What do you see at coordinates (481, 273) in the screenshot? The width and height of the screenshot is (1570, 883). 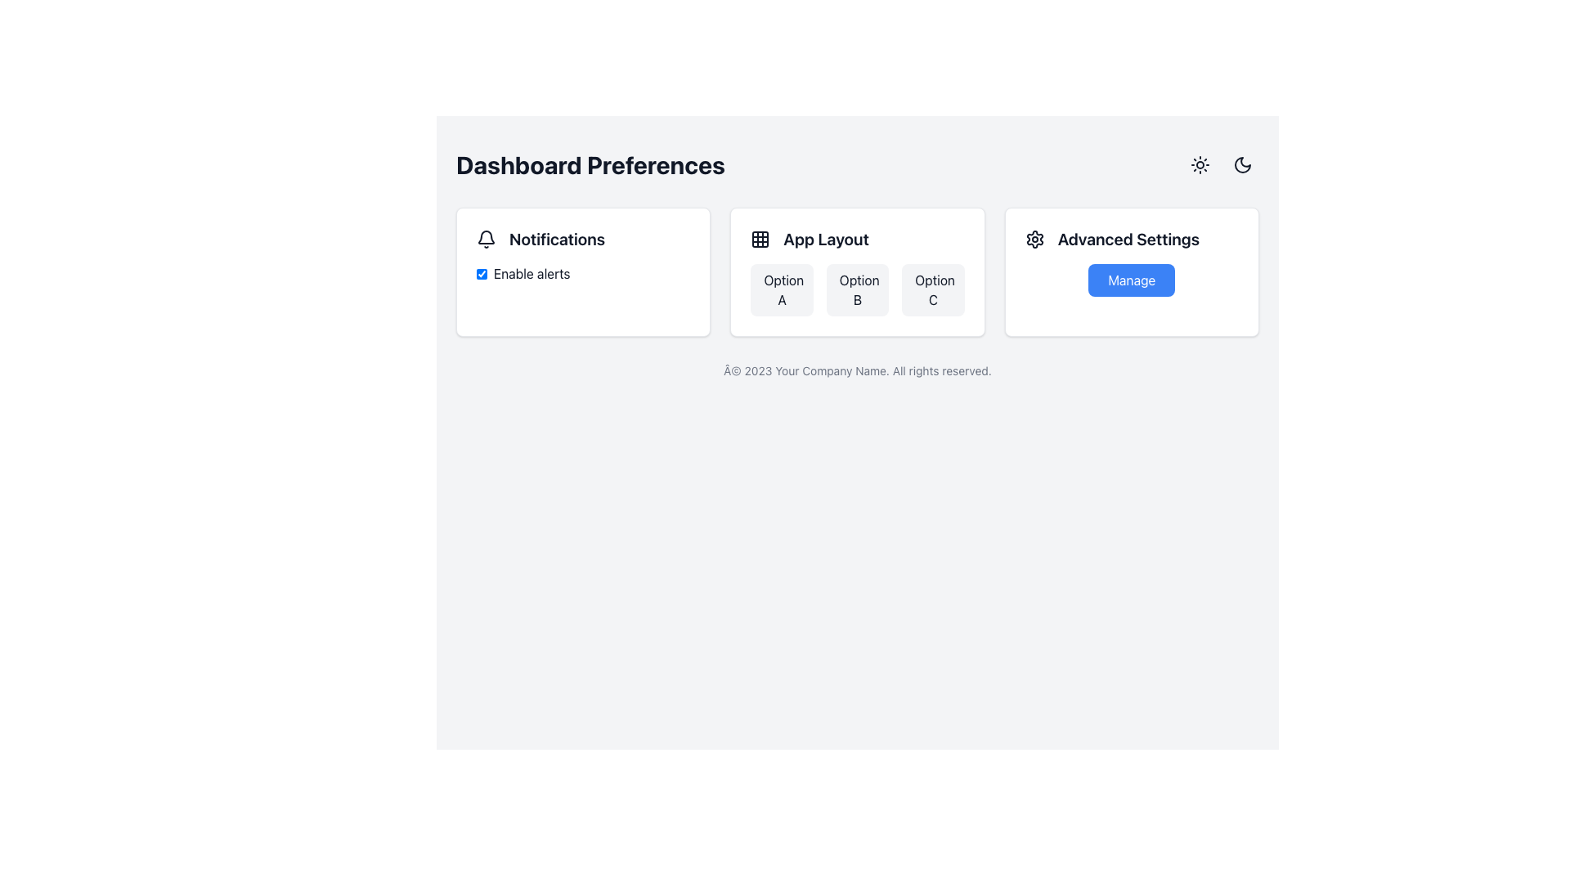 I see `the checkbox labeled 'Enable alerts' within the 'Notifications' card` at bounding box center [481, 273].